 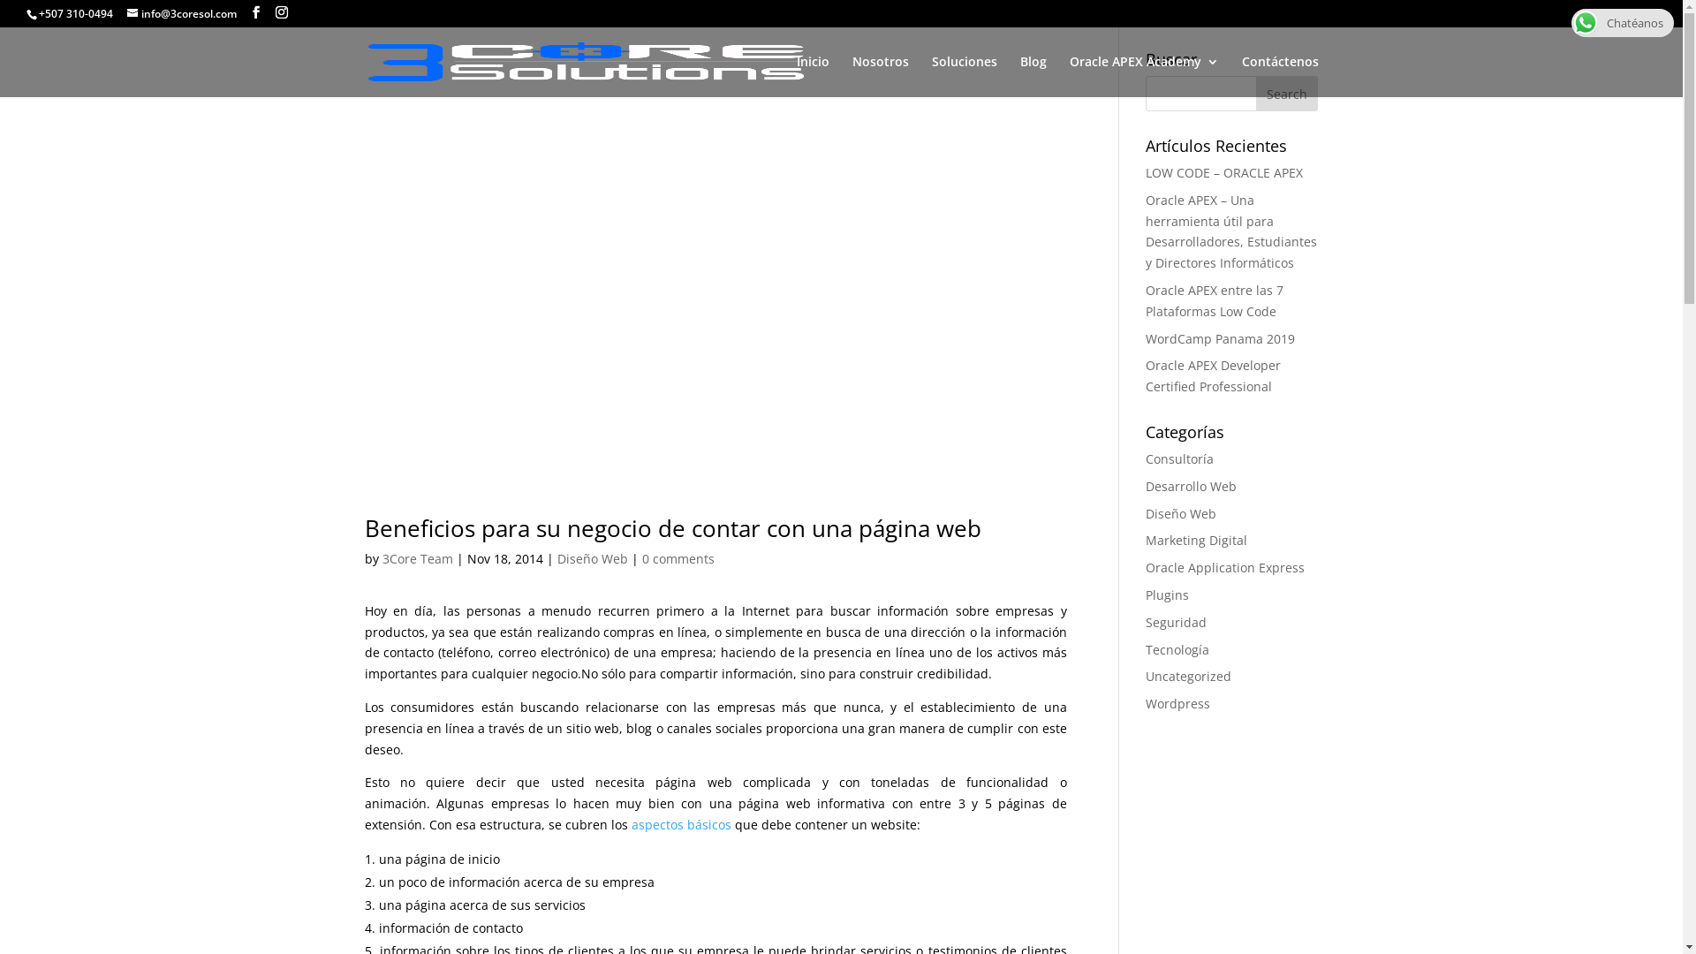 What do you see at coordinates (1219, 338) in the screenshot?
I see `'WordCamp Panama 2019'` at bounding box center [1219, 338].